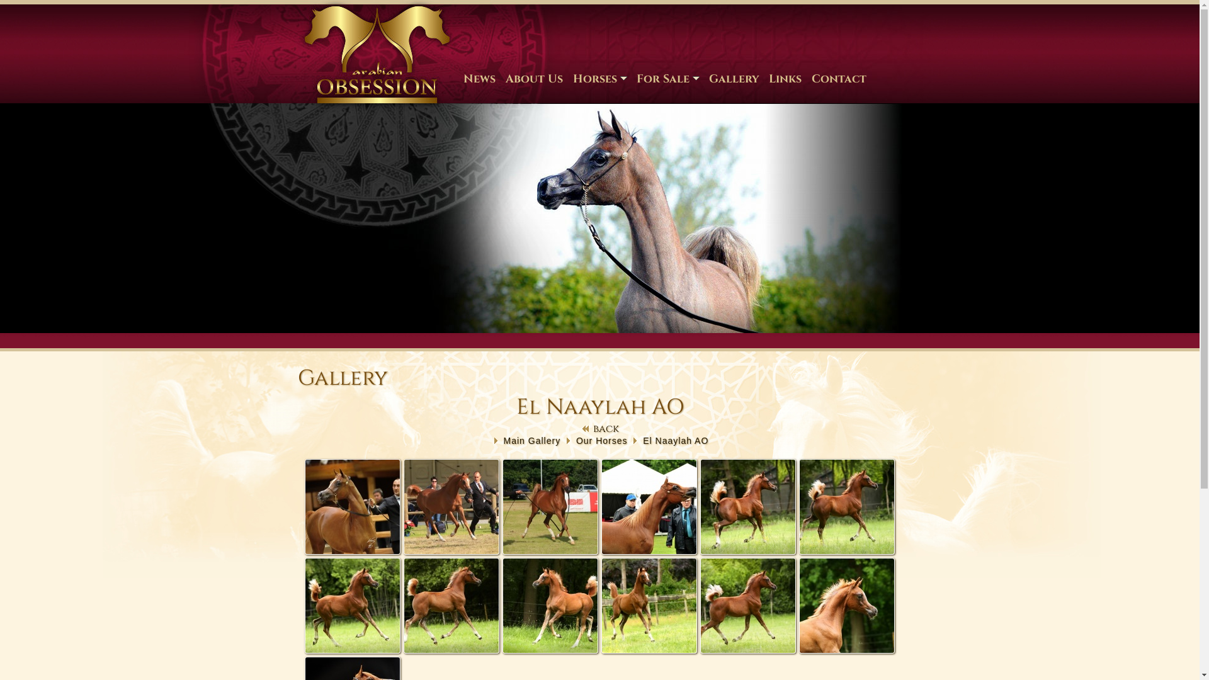 Image resolution: width=1209 pixels, height=680 pixels. Describe the element at coordinates (533, 78) in the screenshot. I see `'About Us'` at that location.